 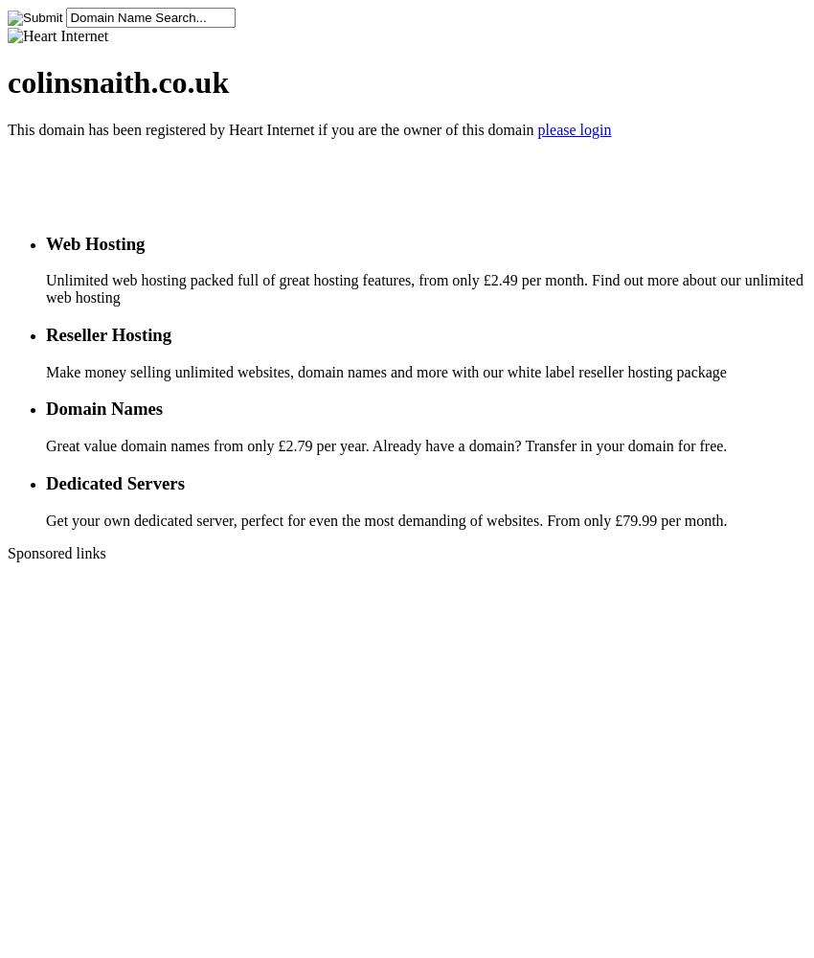 I want to click on 'Web Hosting', so click(x=46, y=242).